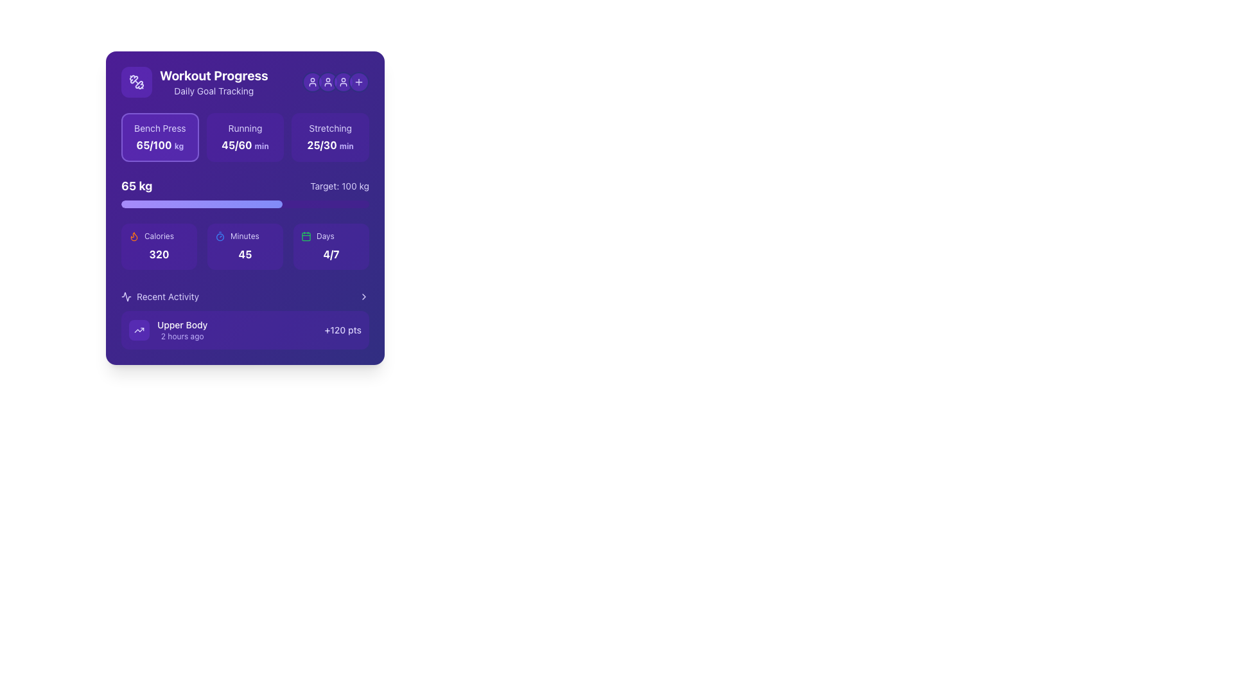  Describe the element at coordinates (214, 76) in the screenshot. I see `text label displaying 'Workout Progress' in large, bold white font on a purple background, positioned at the top-left corner of the card` at that location.